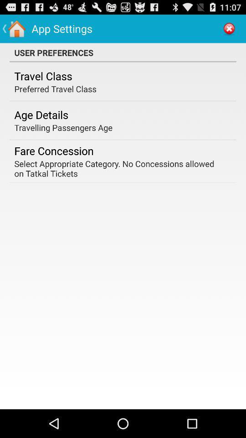  I want to click on the travelling passengers age app, so click(63, 127).